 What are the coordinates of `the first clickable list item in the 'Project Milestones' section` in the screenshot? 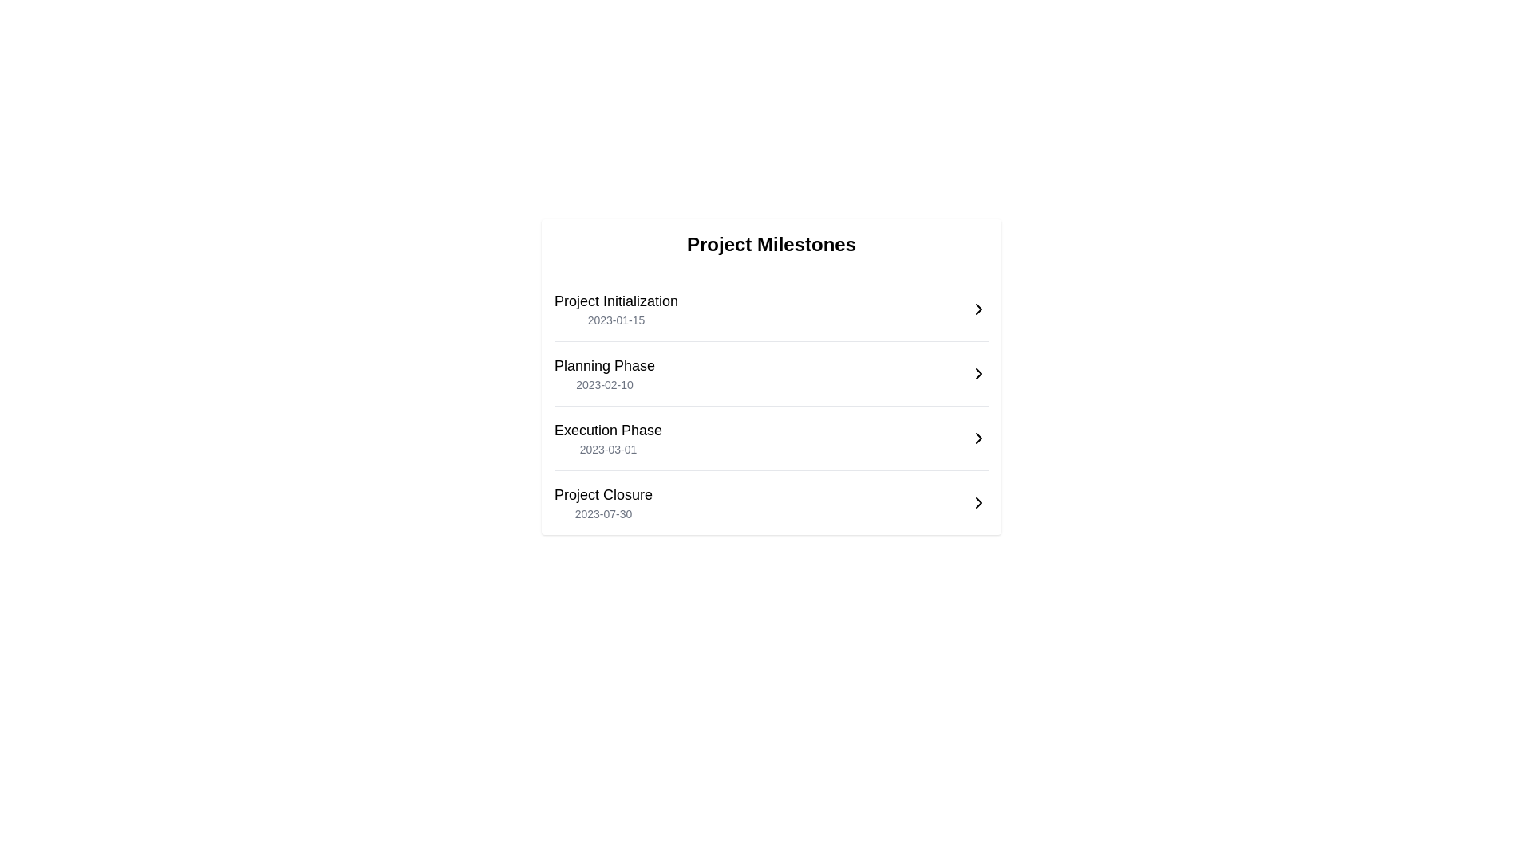 It's located at (771, 309).